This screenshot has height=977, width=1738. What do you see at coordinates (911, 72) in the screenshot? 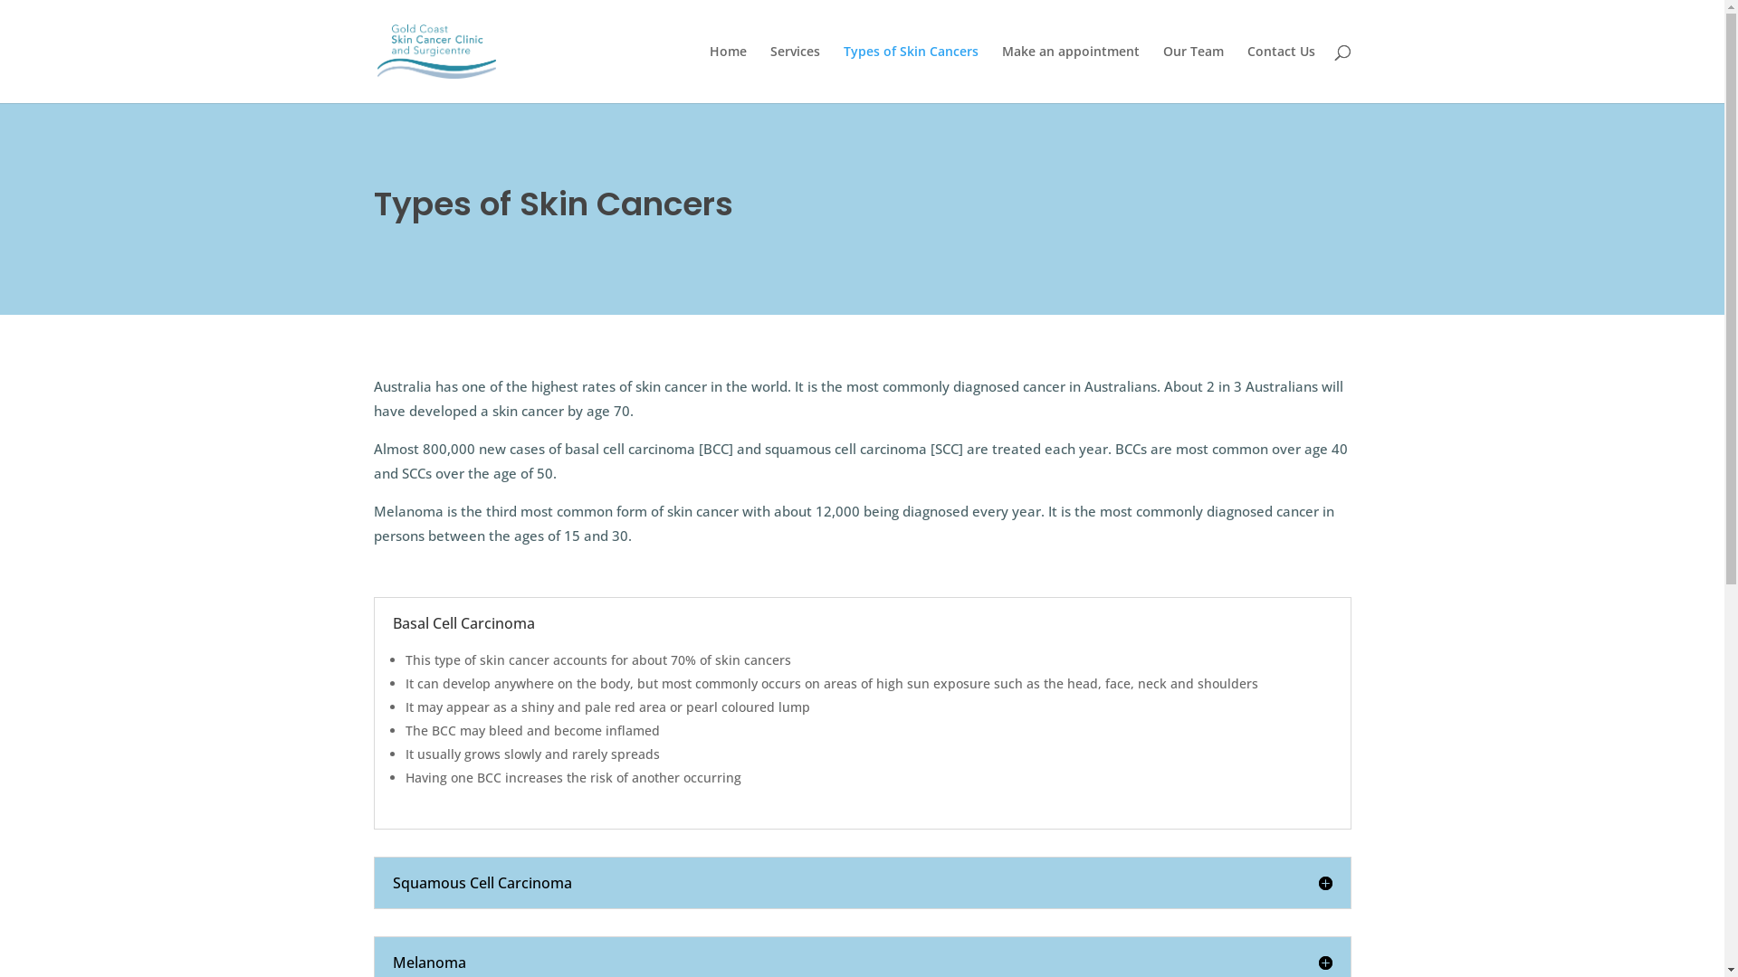
I see `'Types of Skin Cancers'` at bounding box center [911, 72].